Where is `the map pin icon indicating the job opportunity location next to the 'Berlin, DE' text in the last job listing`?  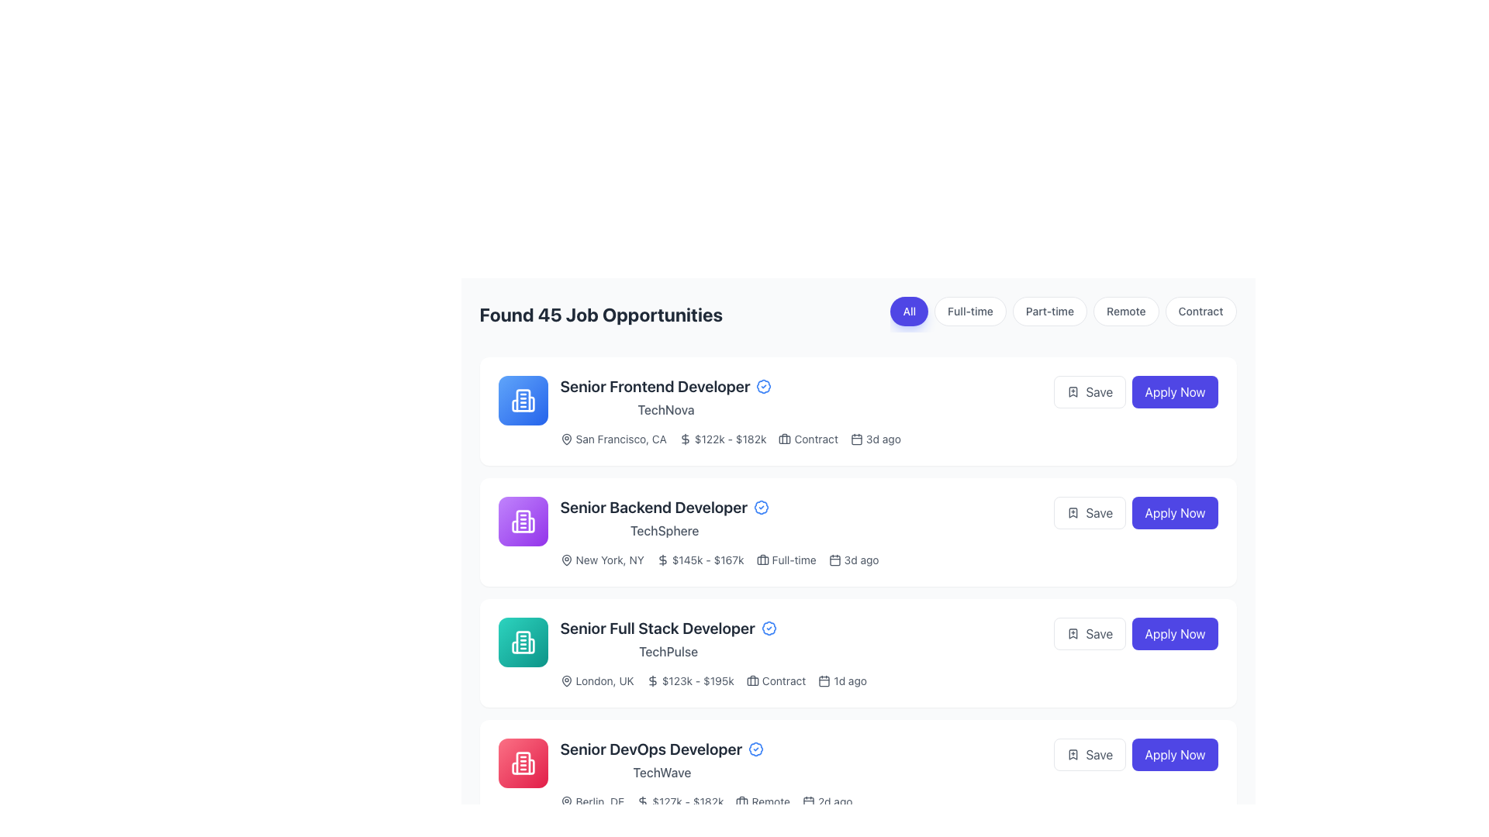
the map pin icon indicating the job opportunity location next to the 'Berlin, DE' text in the last job listing is located at coordinates (565, 801).